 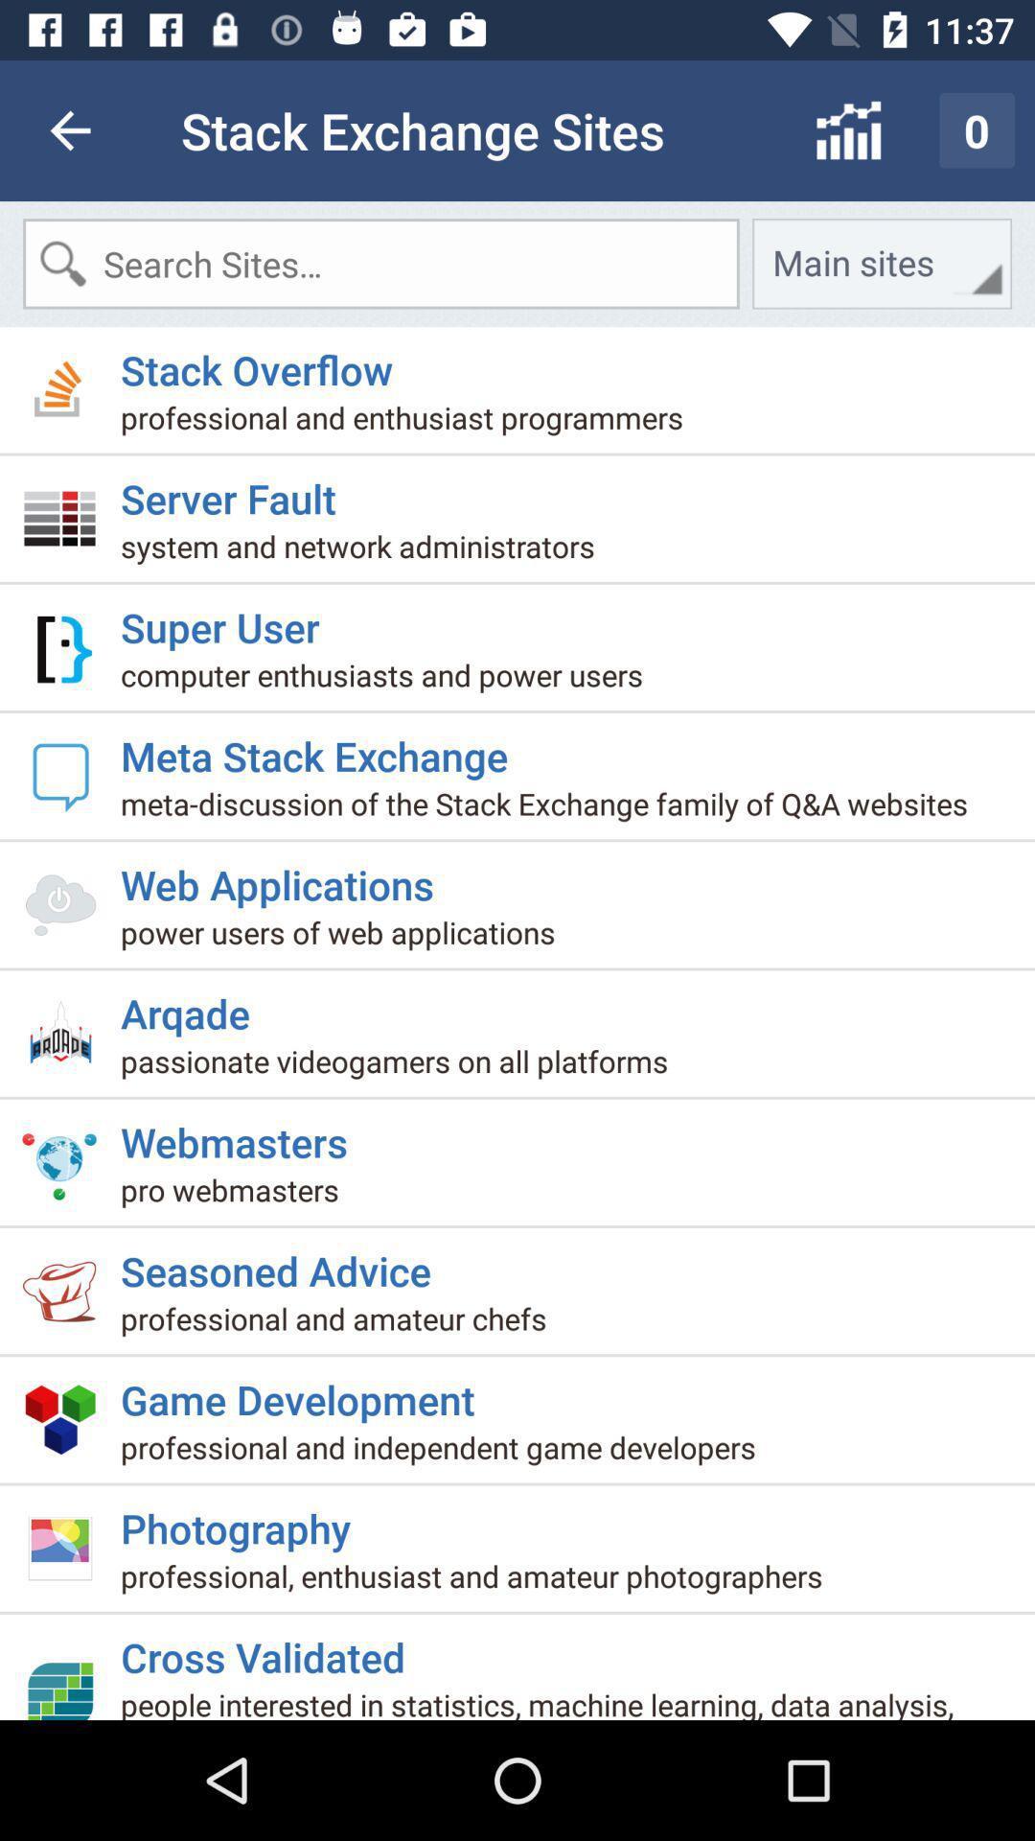 I want to click on search box, so click(x=380, y=263).